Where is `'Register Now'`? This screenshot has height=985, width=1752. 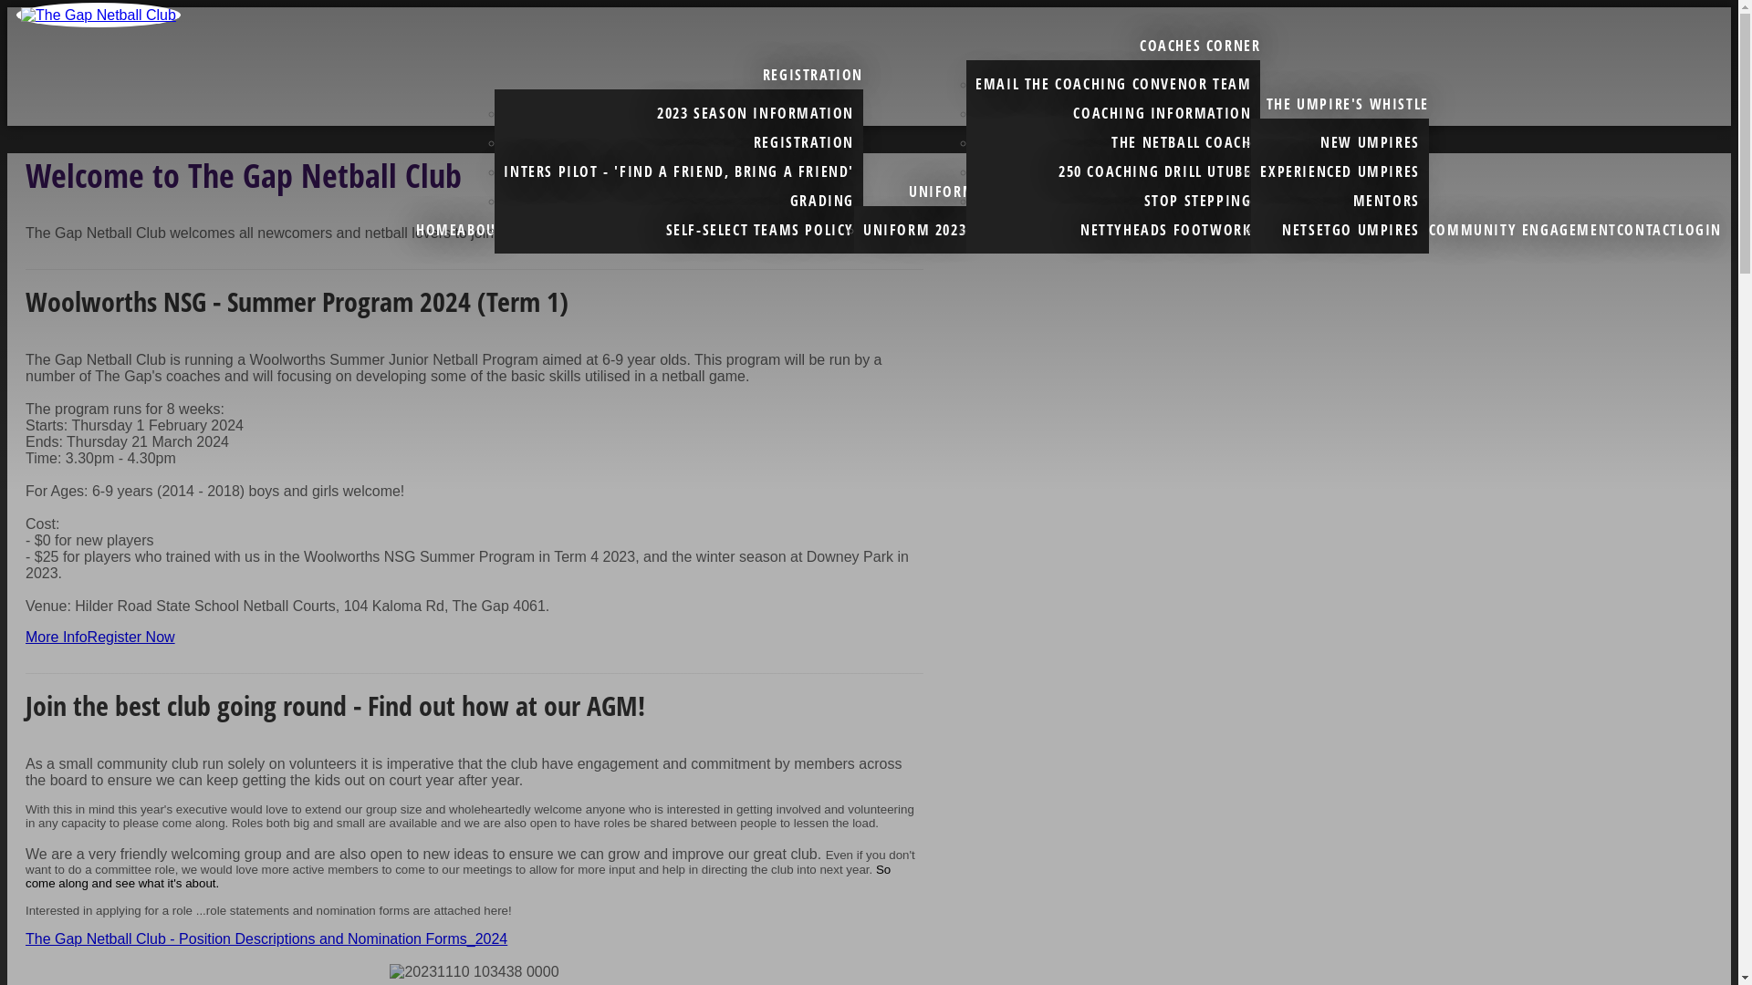
'Register Now' is located at coordinates (130, 636).